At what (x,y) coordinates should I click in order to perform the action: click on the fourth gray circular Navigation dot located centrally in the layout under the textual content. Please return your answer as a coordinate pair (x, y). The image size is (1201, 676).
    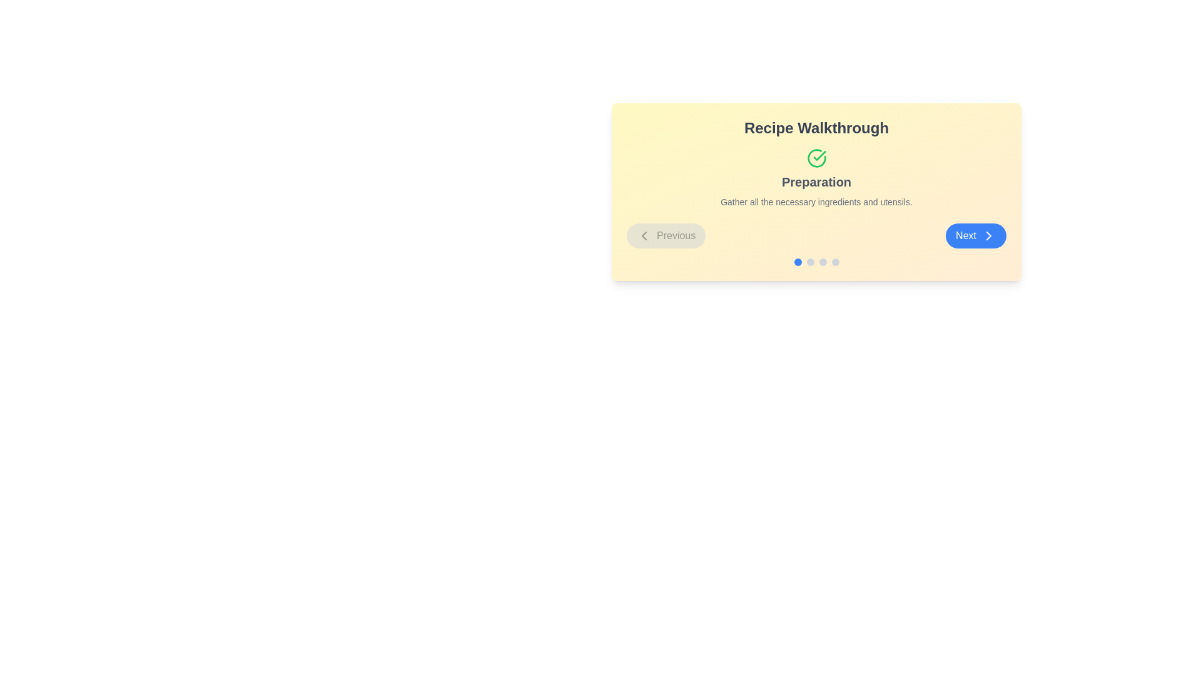
    Looking at the image, I should click on (835, 262).